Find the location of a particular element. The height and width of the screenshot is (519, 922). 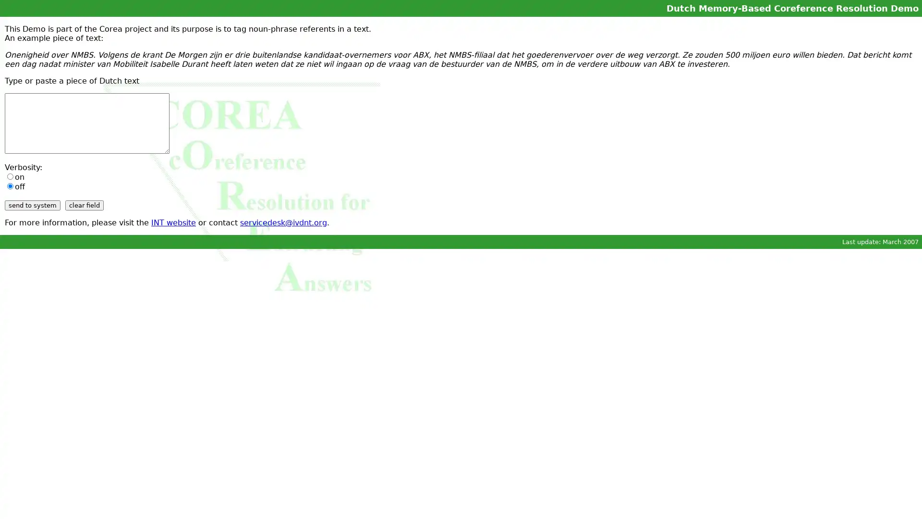

send to system is located at coordinates (32, 205).